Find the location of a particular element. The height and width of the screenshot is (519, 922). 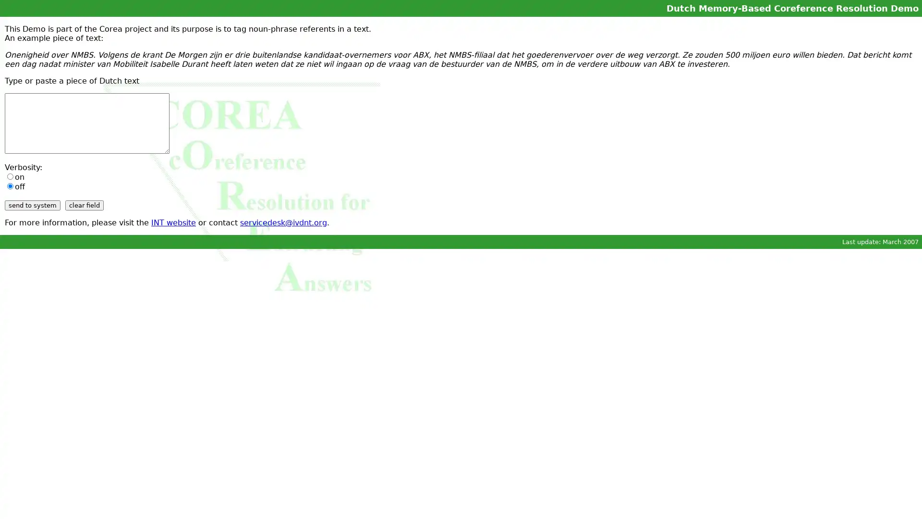

send to system is located at coordinates (32, 205).